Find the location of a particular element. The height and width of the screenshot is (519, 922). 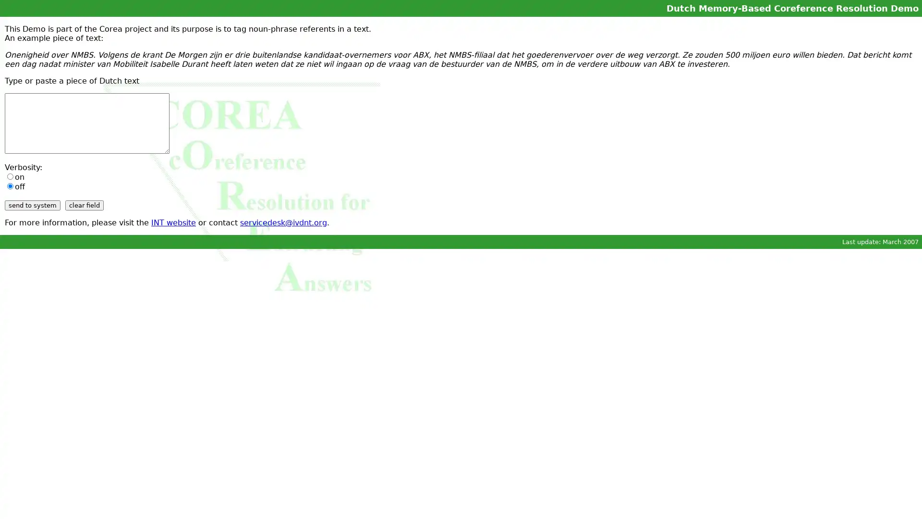

send to system is located at coordinates (32, 205).